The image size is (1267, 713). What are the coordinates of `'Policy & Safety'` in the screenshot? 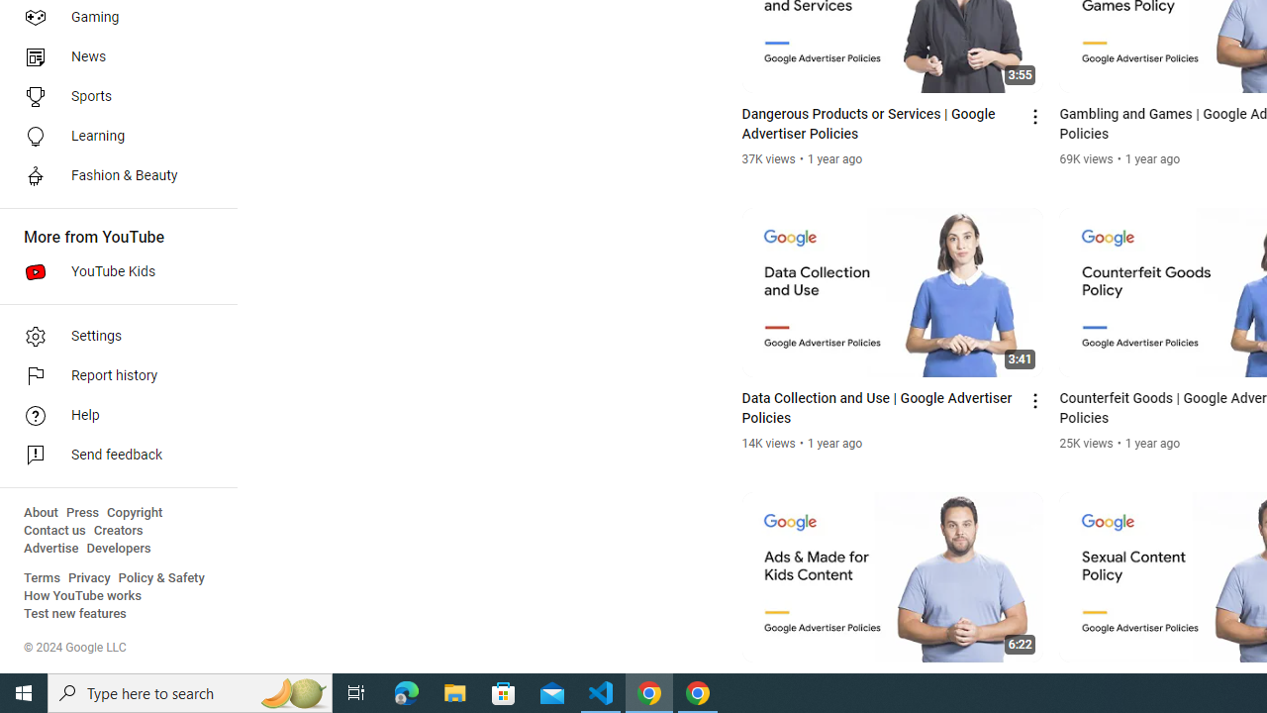 It's located at (161, 578).